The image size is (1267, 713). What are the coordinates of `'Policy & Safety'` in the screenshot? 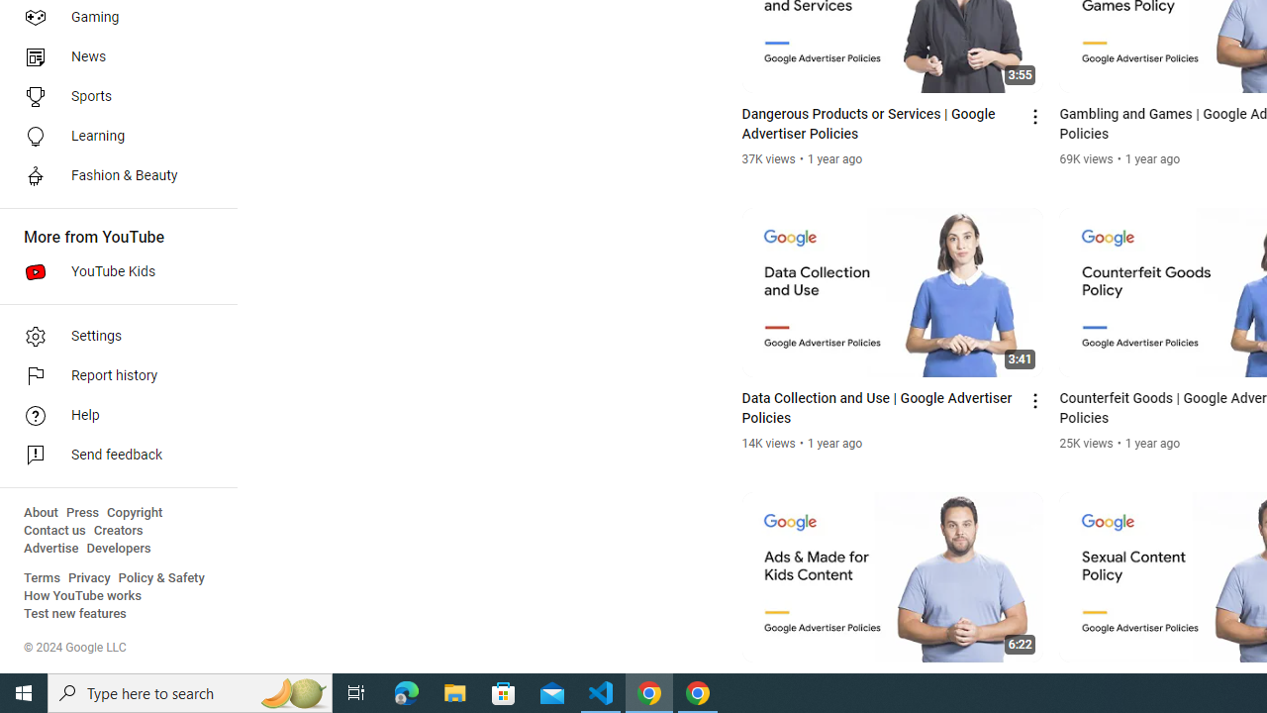 It's located at (161, 578).